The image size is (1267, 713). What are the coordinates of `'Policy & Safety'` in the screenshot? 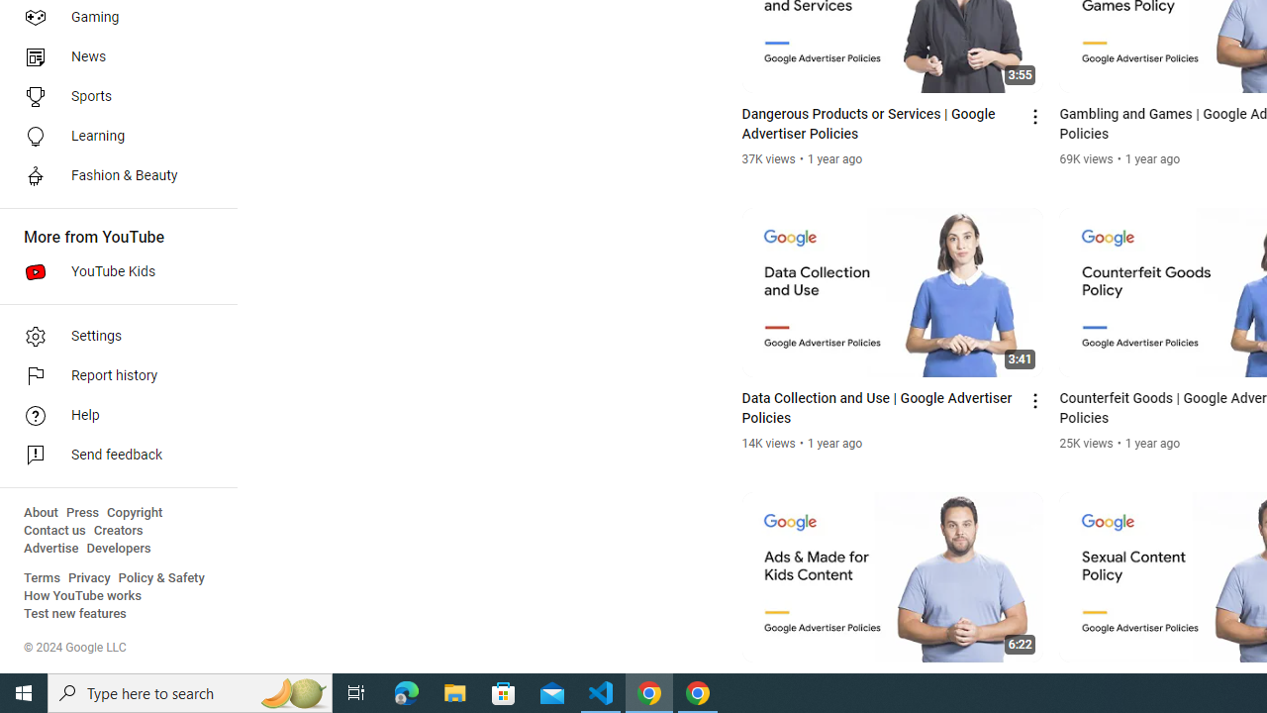 It's located at (161, 578).